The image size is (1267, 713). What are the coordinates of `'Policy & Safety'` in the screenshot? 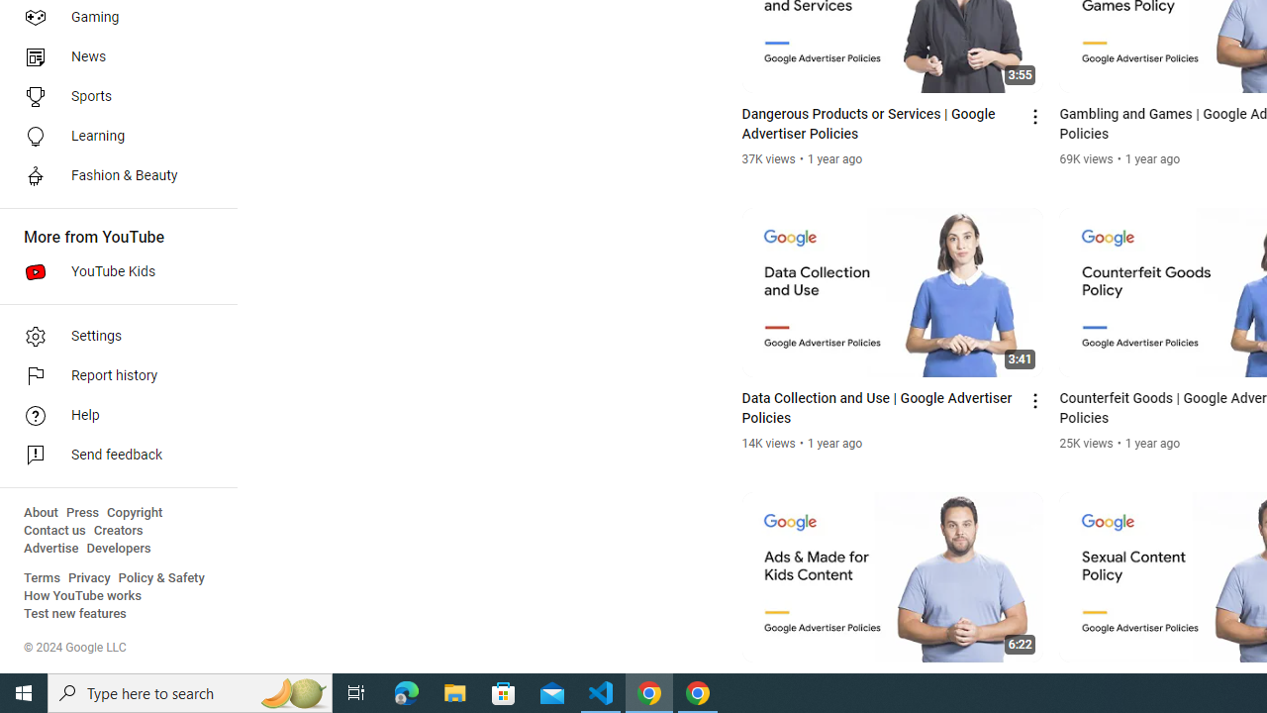 It's located at (161, 578).